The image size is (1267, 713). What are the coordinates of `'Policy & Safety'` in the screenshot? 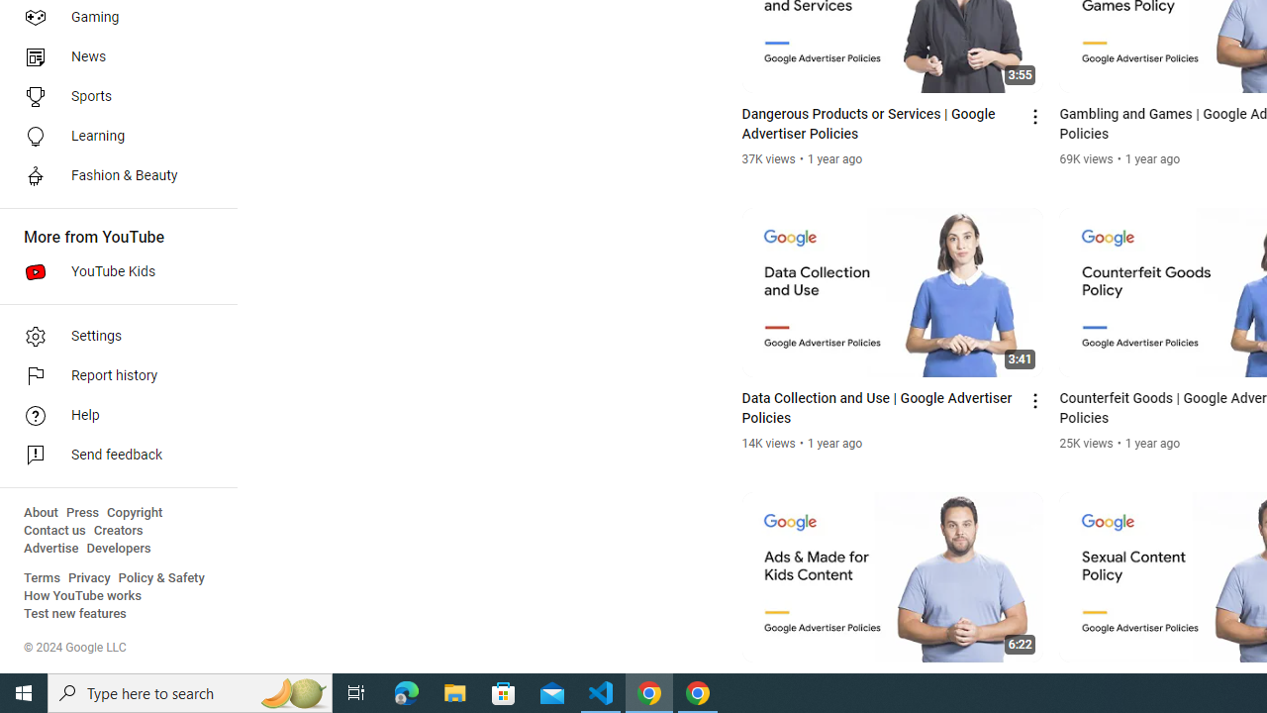 It's located at (161, 578).